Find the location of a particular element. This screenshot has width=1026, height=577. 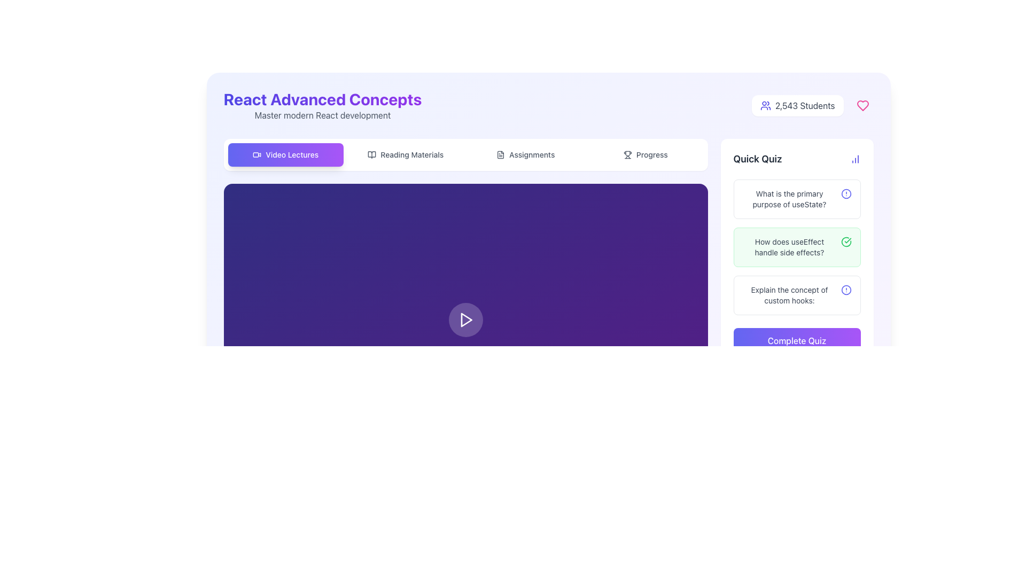

the positive state icon located to the right of the question text 'How does useEffect handle side effects?' in the 'Quick Quiz' section on the right sidebar as a passive visual cue is located at coordinates (845, 241).